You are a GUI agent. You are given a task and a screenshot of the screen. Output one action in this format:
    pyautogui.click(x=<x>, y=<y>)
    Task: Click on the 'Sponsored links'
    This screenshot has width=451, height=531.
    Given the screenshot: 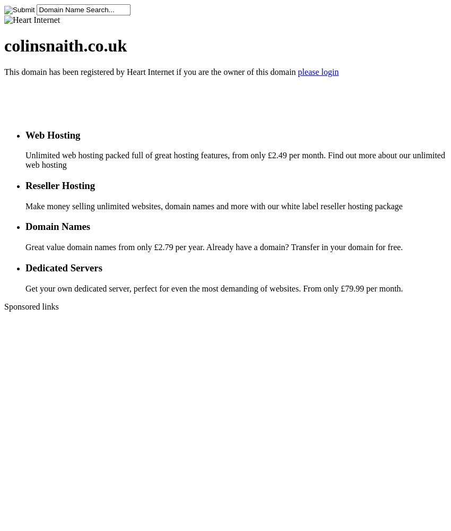 What is the action you would take?
    pyautogui.click(x=31, y=305)
    